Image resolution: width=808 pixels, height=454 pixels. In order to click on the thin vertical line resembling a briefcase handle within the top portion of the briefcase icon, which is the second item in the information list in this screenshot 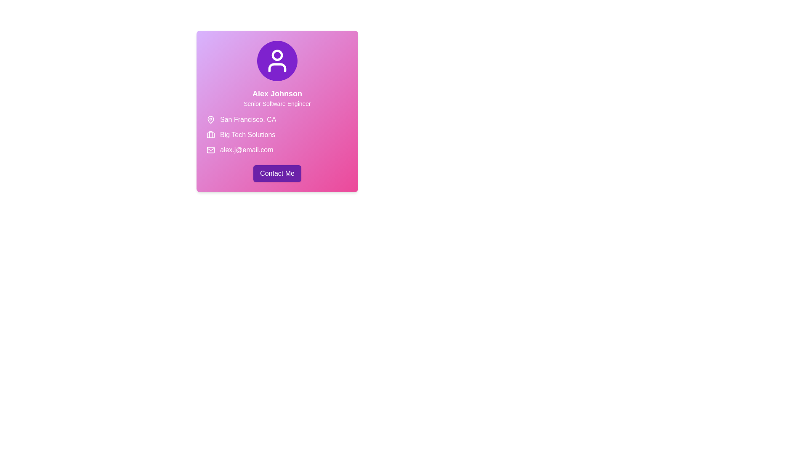, I will do `click(210, 134)`.